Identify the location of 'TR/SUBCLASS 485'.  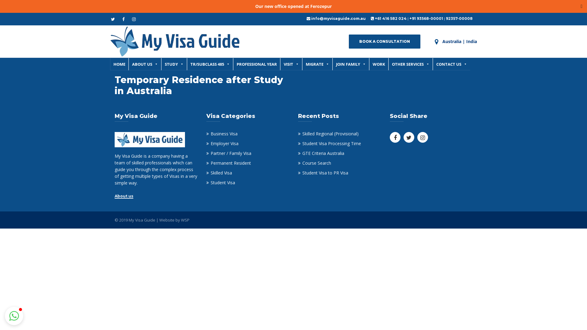
(210, 64).